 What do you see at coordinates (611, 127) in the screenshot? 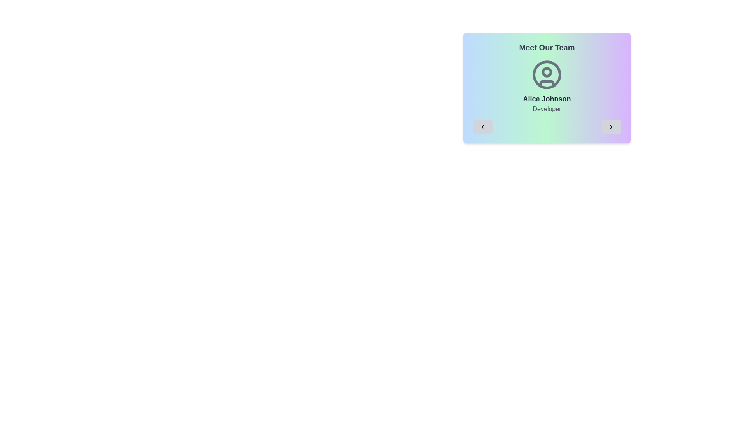
I see `the right-pointing chevron icon located at the bottom-right corner of the card interface` at bounding box center [611, 127].